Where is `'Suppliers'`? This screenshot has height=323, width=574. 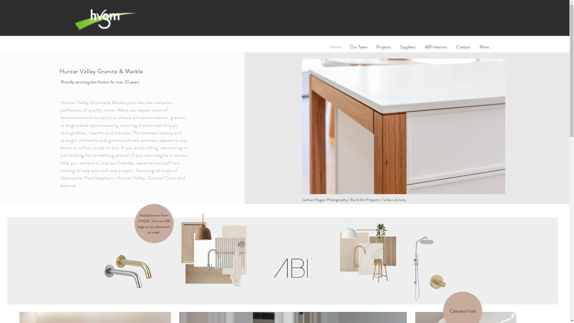
'Suppliers' is located at coordinates (407, 47).